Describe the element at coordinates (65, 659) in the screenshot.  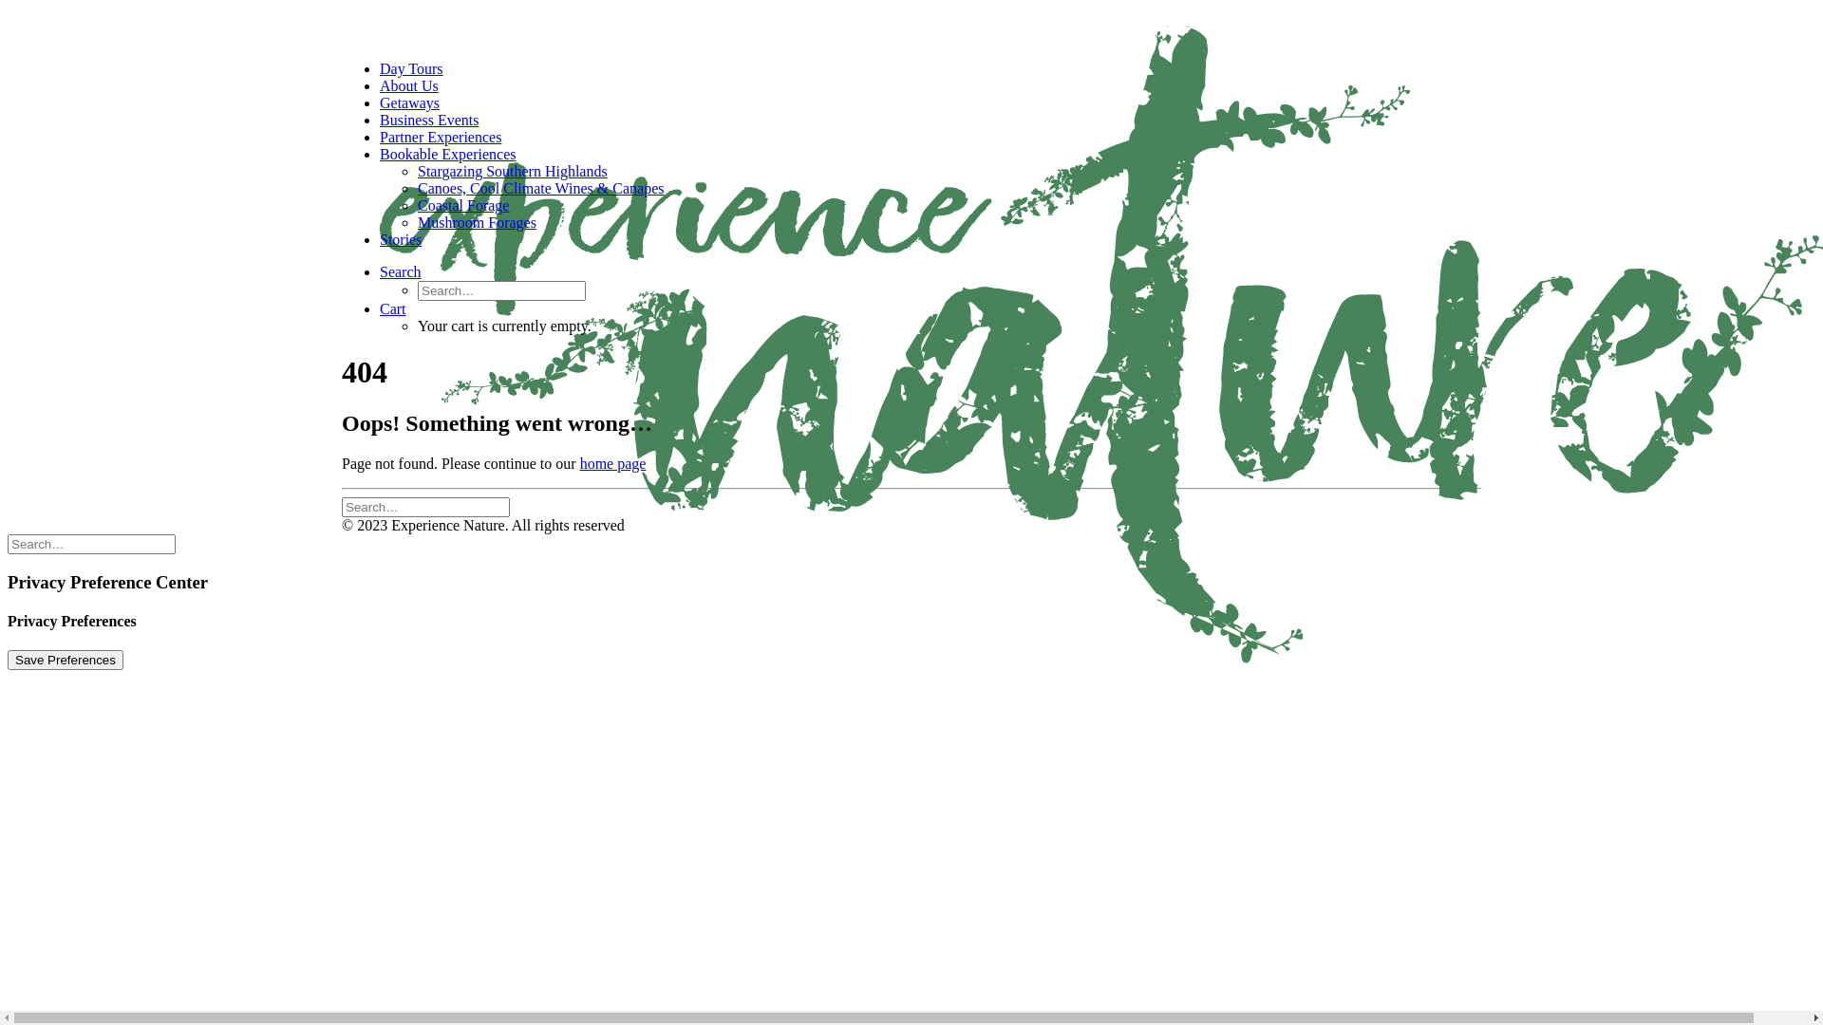
I see `'Save Preferences'` at that location.